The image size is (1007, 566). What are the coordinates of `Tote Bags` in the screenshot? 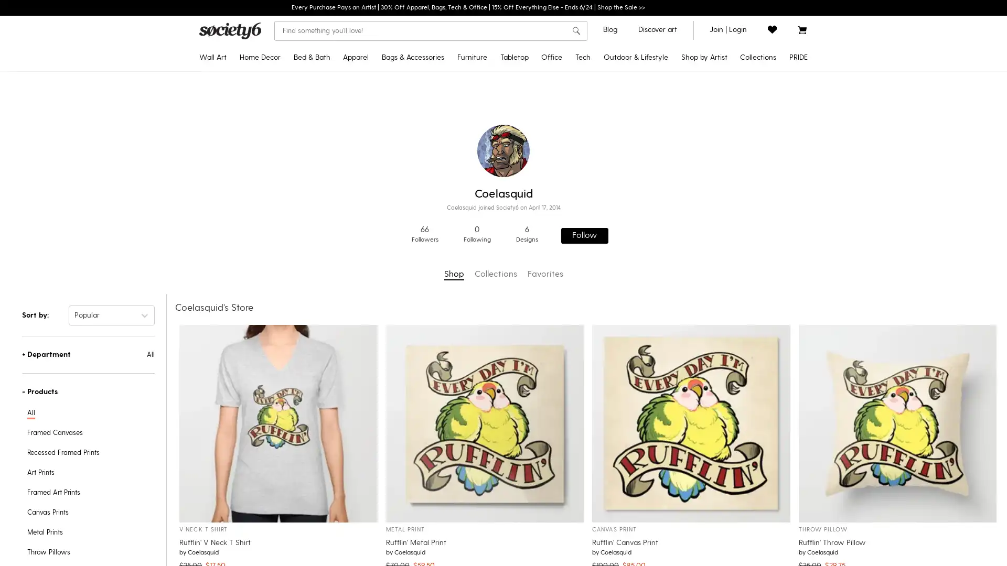 It's located at (420, 84).